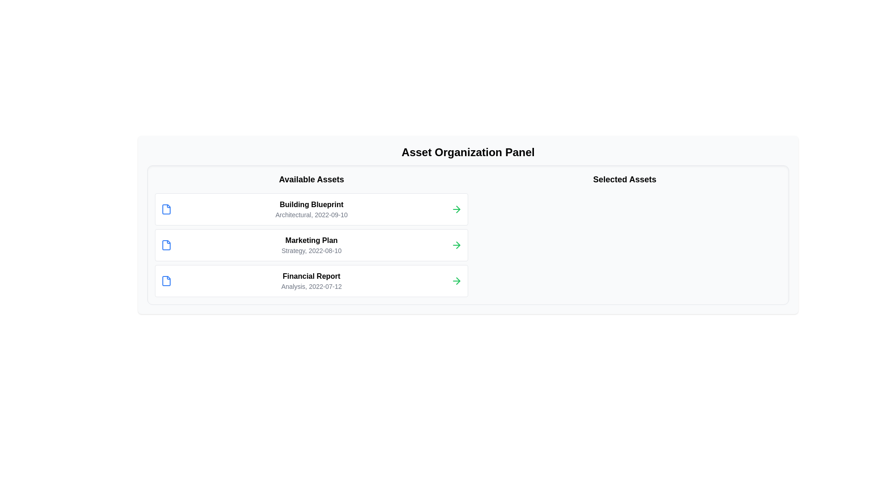 This screenshot has width=883, height=496. Describe the element at coordinates (166, 209) in the screenshot. I see `the blue document icon located to the left of the 'Building Blueprint' text in the 'Available Assets' section` at that location.